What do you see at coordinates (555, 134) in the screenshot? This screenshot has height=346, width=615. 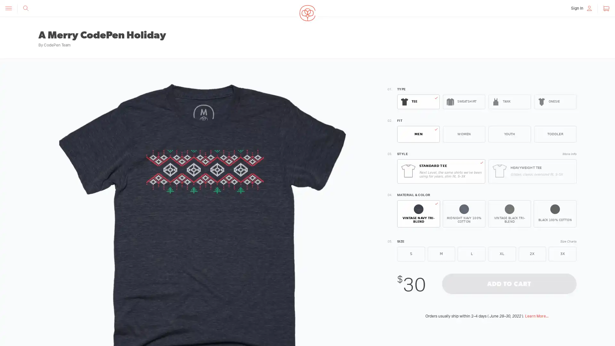 I see `TODDLER` at bounding box center [555, 134].